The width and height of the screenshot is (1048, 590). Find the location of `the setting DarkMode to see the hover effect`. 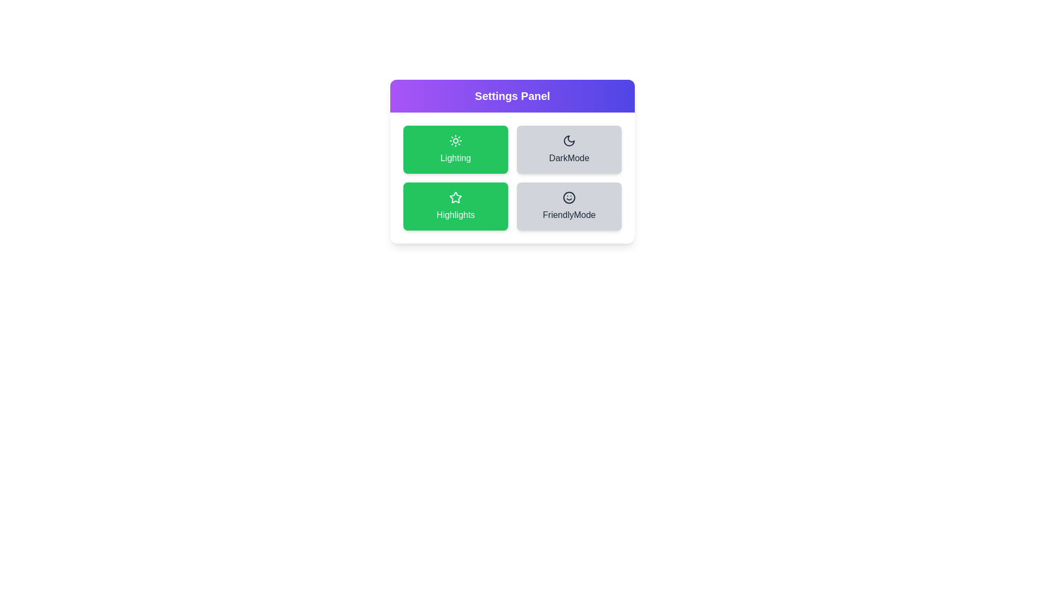

the setting DarkMode to see the hover effect is located at coordinates (568, 149).